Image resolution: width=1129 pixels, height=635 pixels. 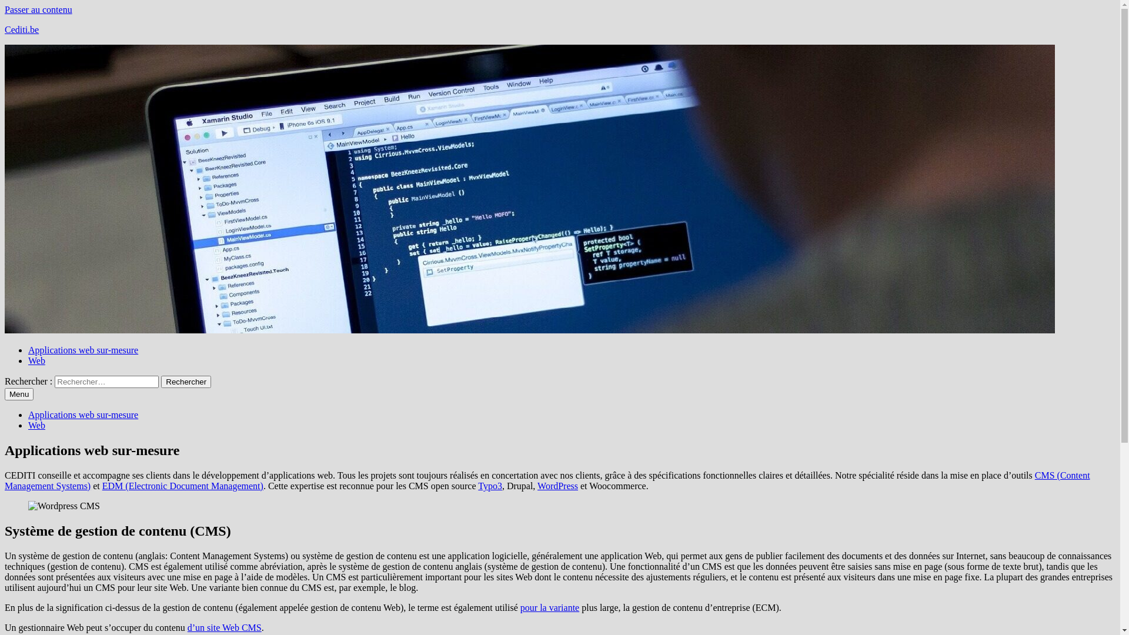 What do you see at coordinates (36, 360) in the screenshot?
I see `'Web'` at bounding box center [36, 360].